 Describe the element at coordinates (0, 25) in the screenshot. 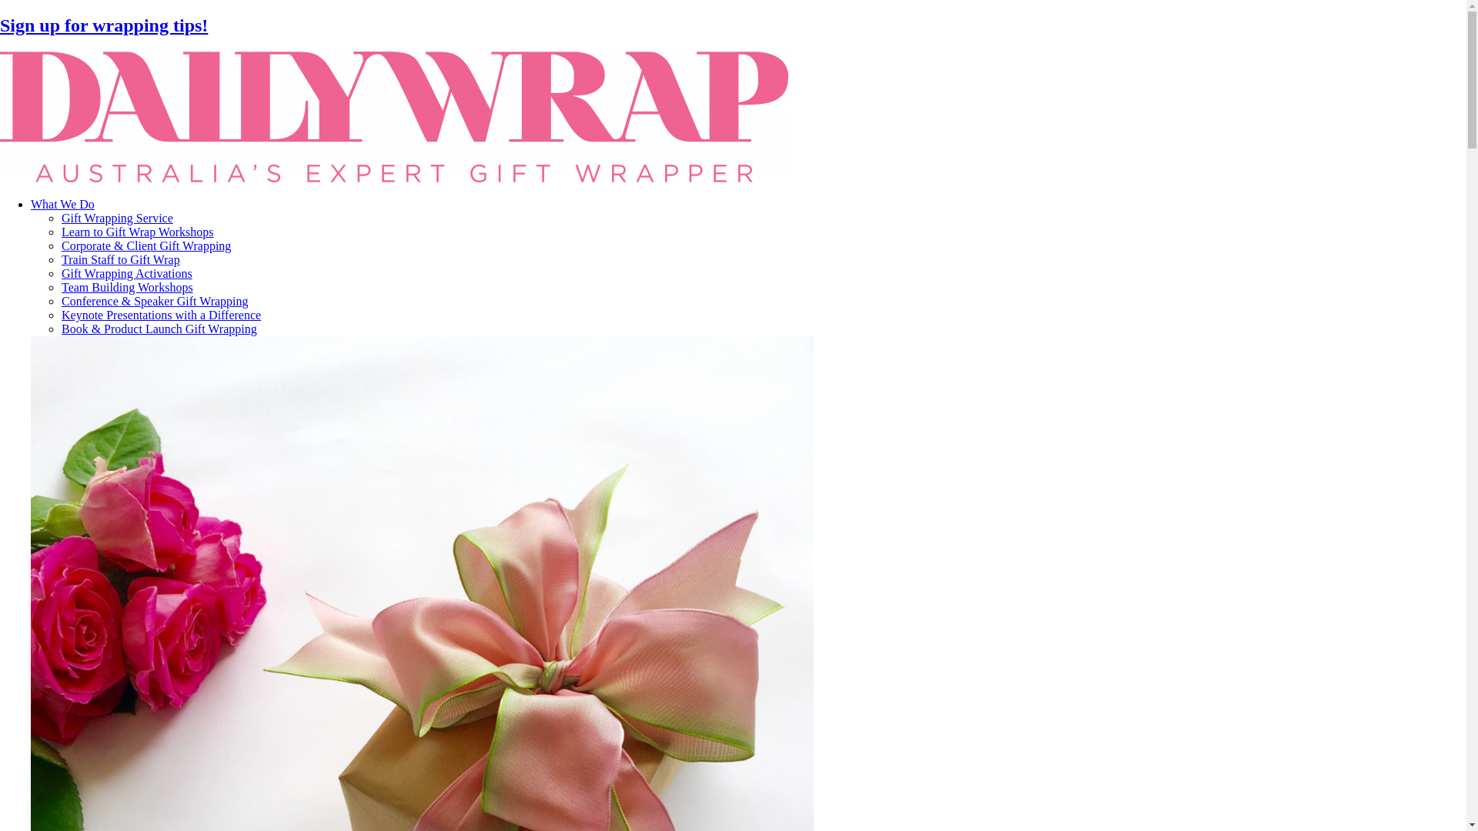

I see `'Sign up for wrapping tips!'` at that location.